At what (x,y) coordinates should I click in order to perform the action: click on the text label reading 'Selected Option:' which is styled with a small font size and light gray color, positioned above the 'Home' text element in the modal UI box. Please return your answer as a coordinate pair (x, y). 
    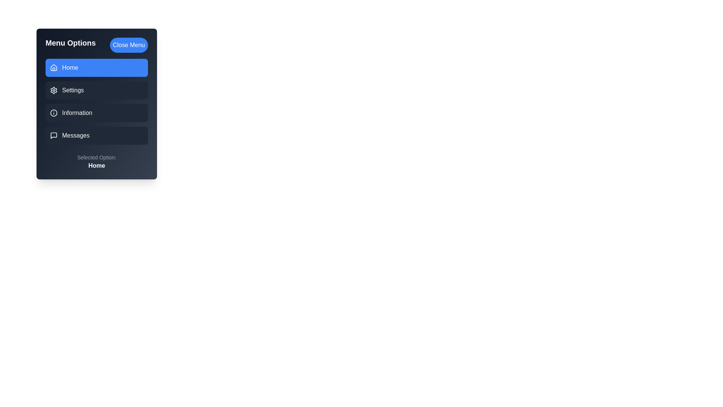
    Looking at the image, I should click on (96, 157).